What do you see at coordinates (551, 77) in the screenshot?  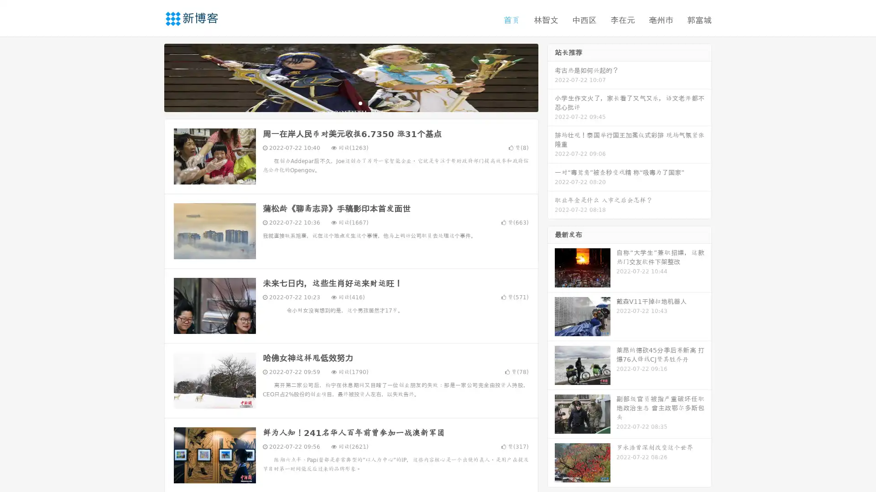 I see `Next slide` at bounding box center [551, 77].